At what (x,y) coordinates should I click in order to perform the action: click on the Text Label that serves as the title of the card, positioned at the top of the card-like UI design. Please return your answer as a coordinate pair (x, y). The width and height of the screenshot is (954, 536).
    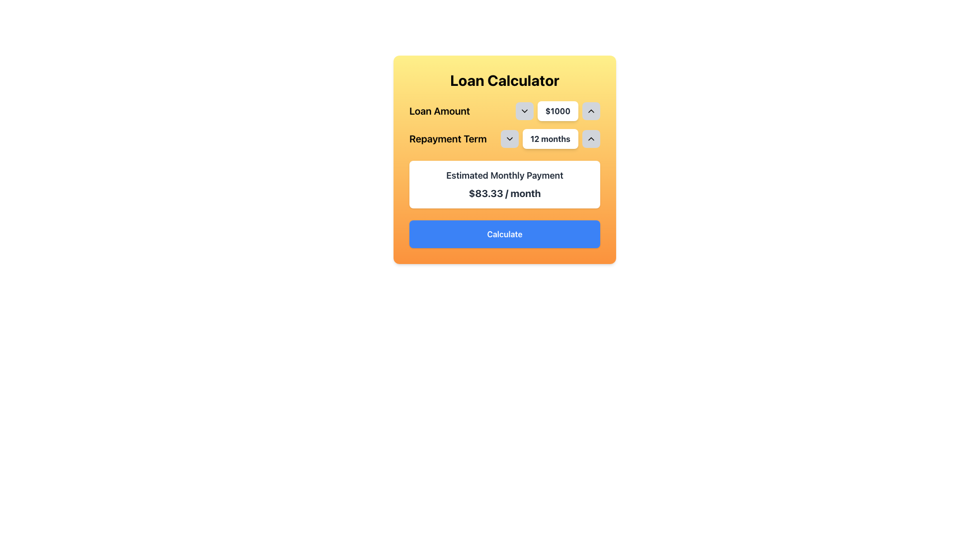
    Looking at the image, I should click on (505, 80).